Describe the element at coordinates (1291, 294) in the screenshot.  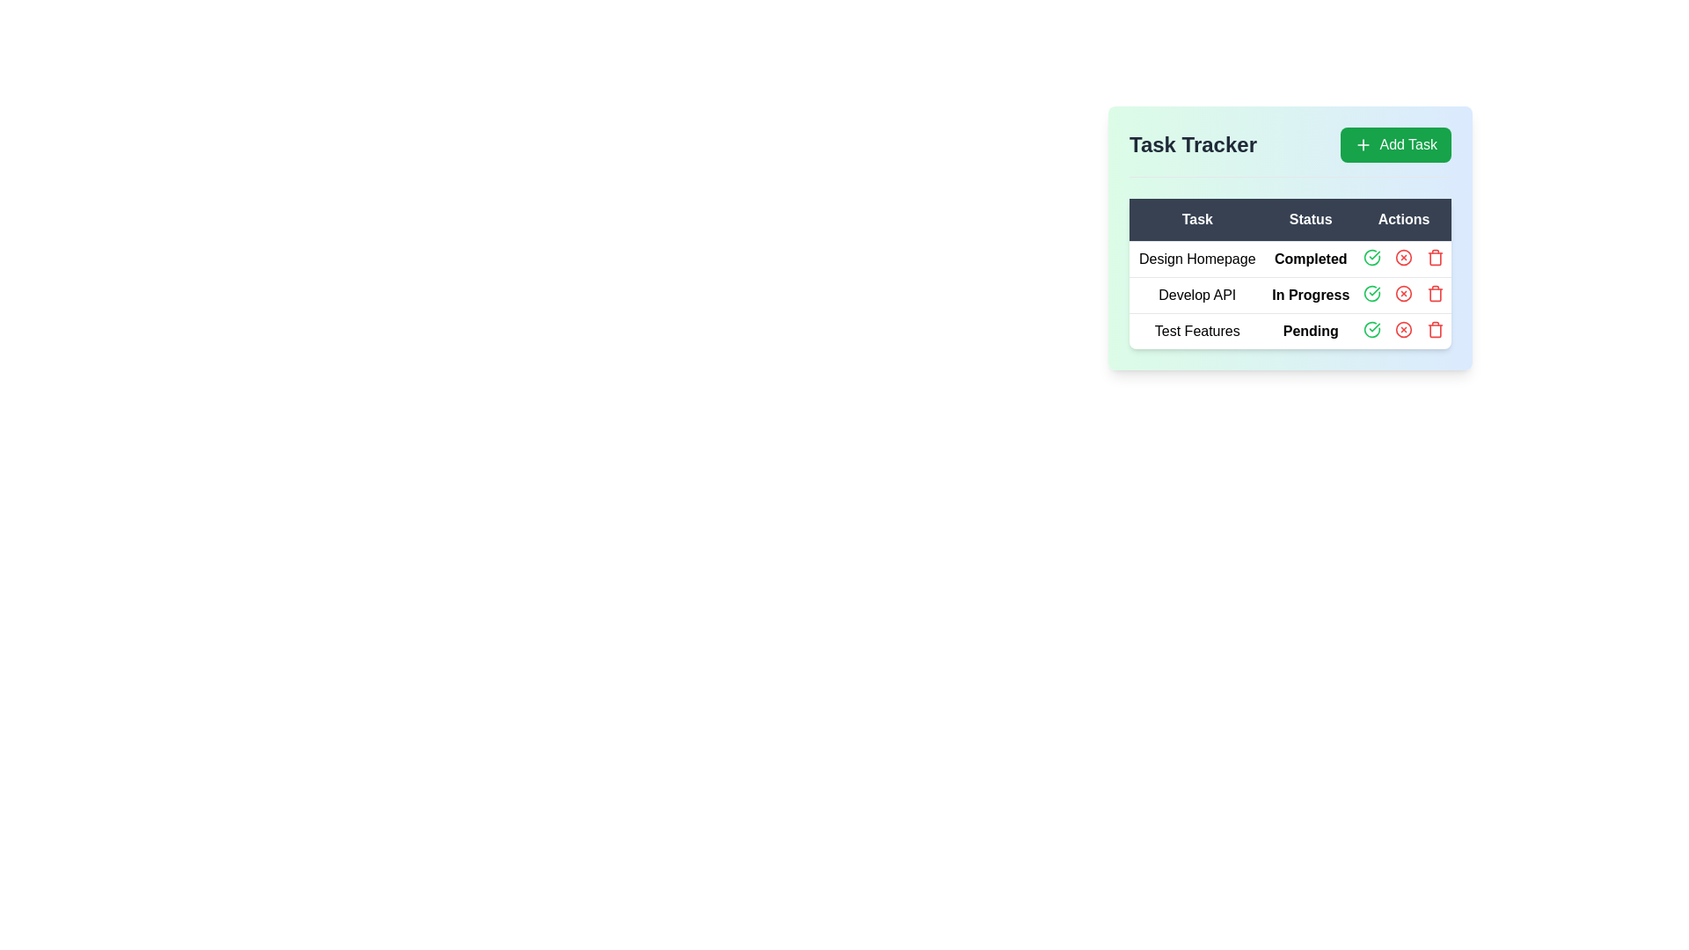
I see `the text label displaying the task name 'Develop API' and its status 'In Progress' in the task tracker interface, located in the second row of the task table` at that location.